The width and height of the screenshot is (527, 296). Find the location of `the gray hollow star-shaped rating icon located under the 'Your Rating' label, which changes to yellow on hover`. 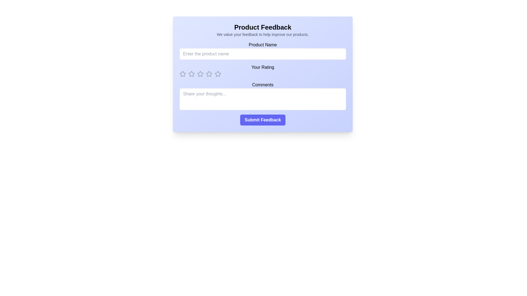

the gray hollow star-shaped rating icon located under the 'Your Rating' label, which changes to yellow on hover is located at coordinates (183, 73).